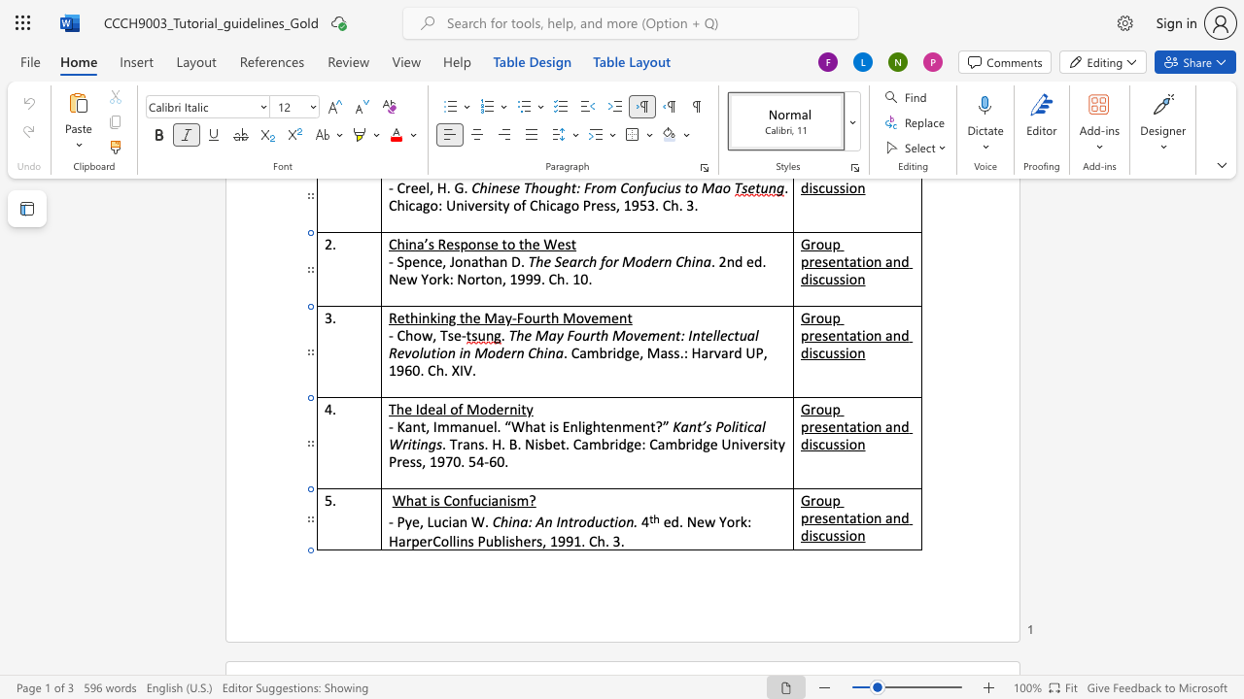  Describe the element at coordinates (618, 541) in the screenshot. I see `the space between the continuous character "3" and "." in the text` at that location.